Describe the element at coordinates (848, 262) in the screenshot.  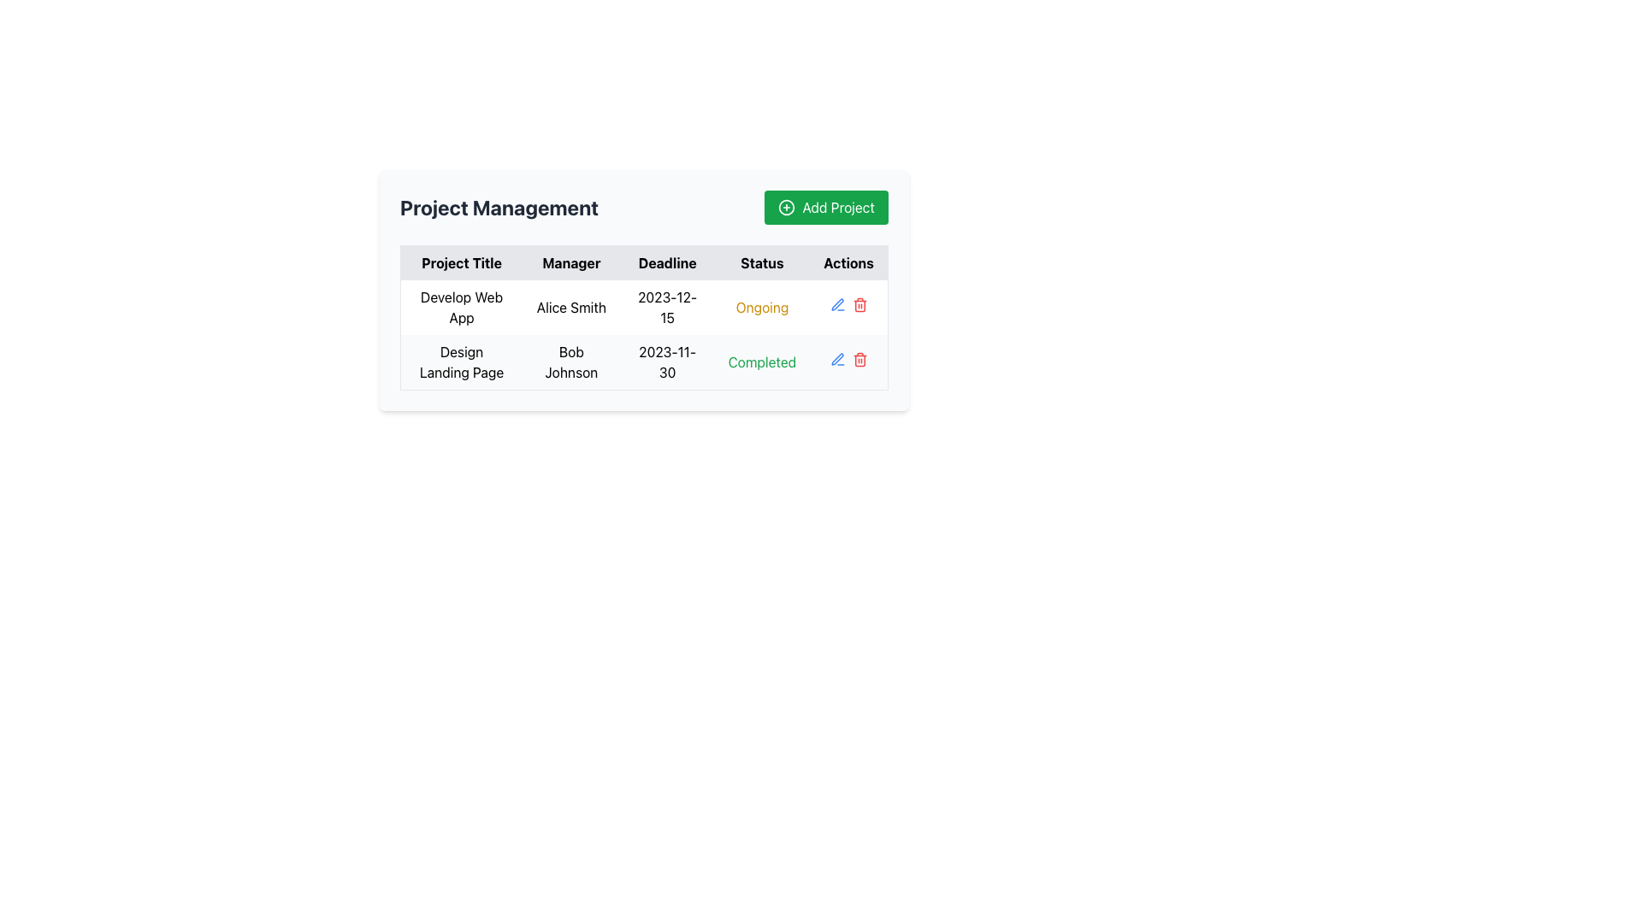
I see `the text label styled as a table header displaying the word 'Actions', which is positioned as the fifth column header in a table` at that location.